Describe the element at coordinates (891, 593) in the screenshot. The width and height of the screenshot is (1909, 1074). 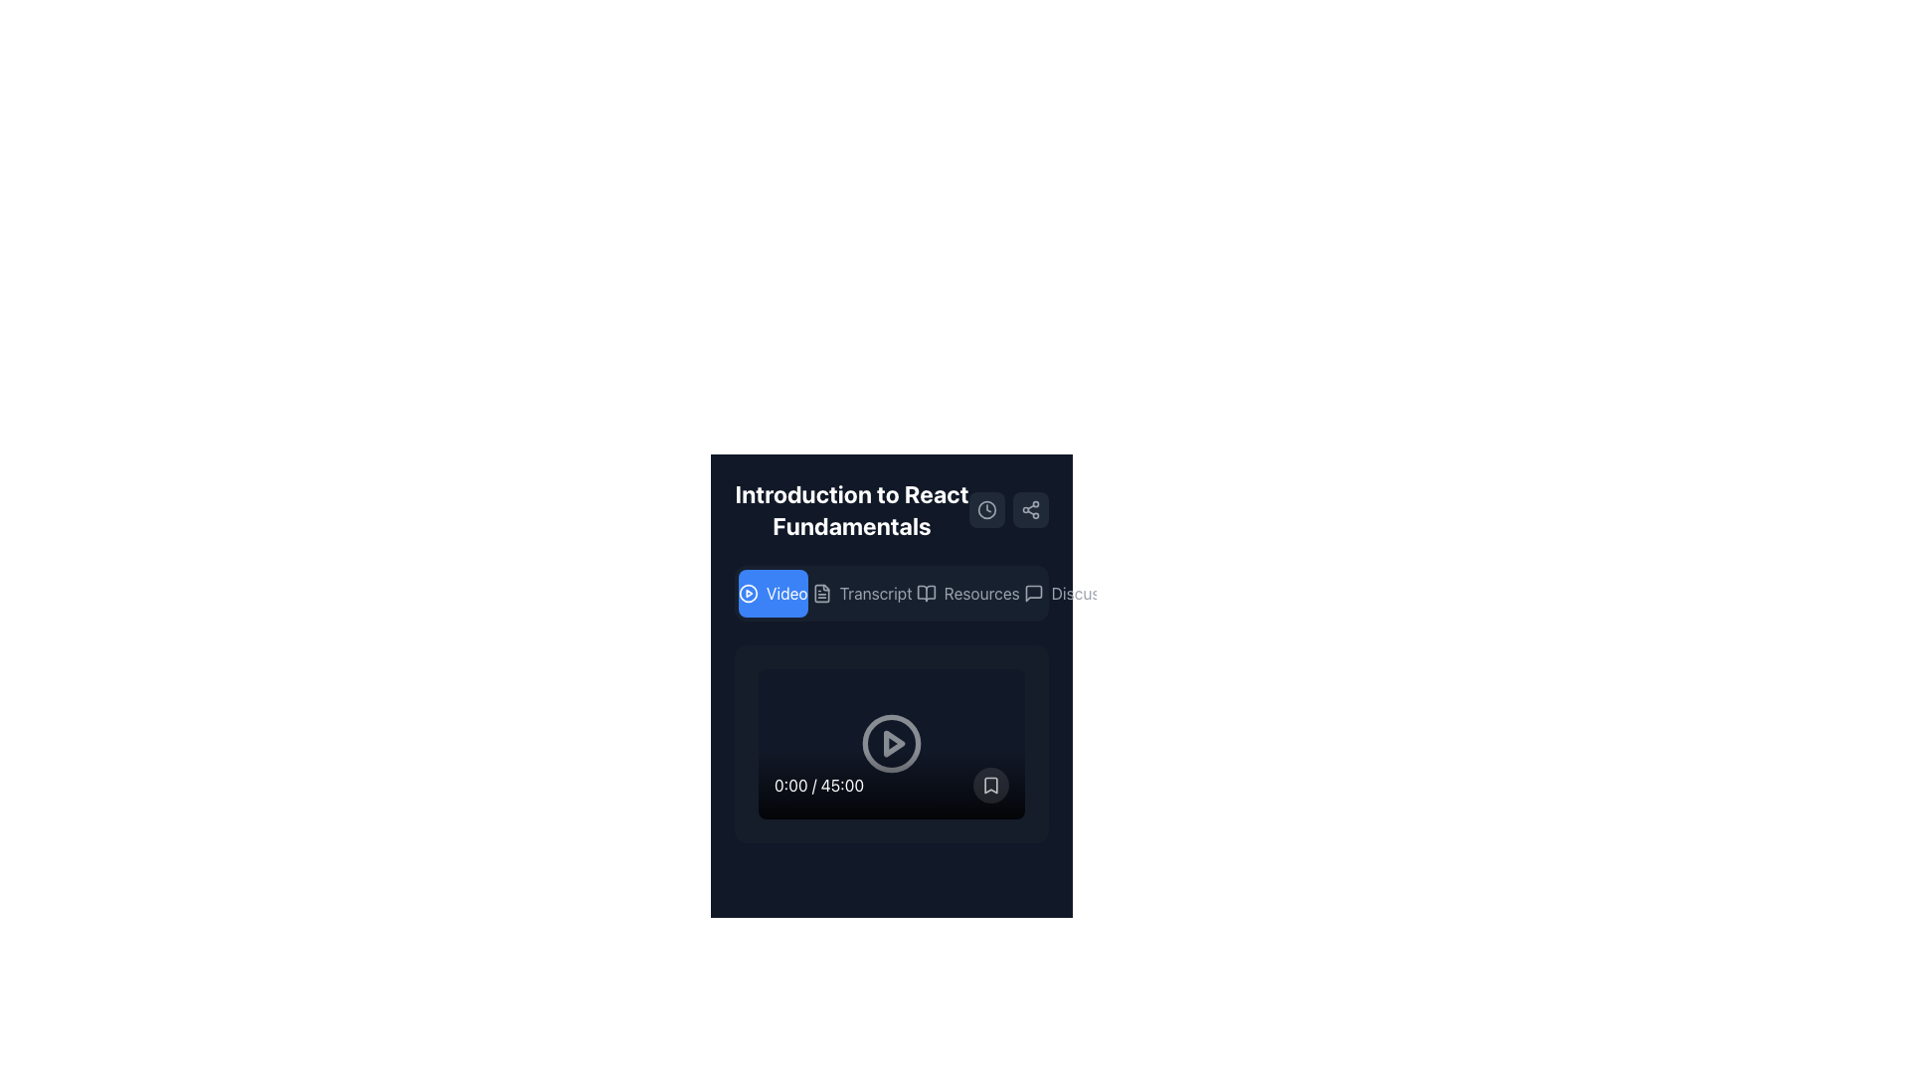
I see `the 'Transcript' button, which is the second button in a horizontally arranged group of options labeled 'Video', 'Transcript', 'Resources', and 'Discussion', located below the header 'Introduction to React Fundamentals'` at that location.